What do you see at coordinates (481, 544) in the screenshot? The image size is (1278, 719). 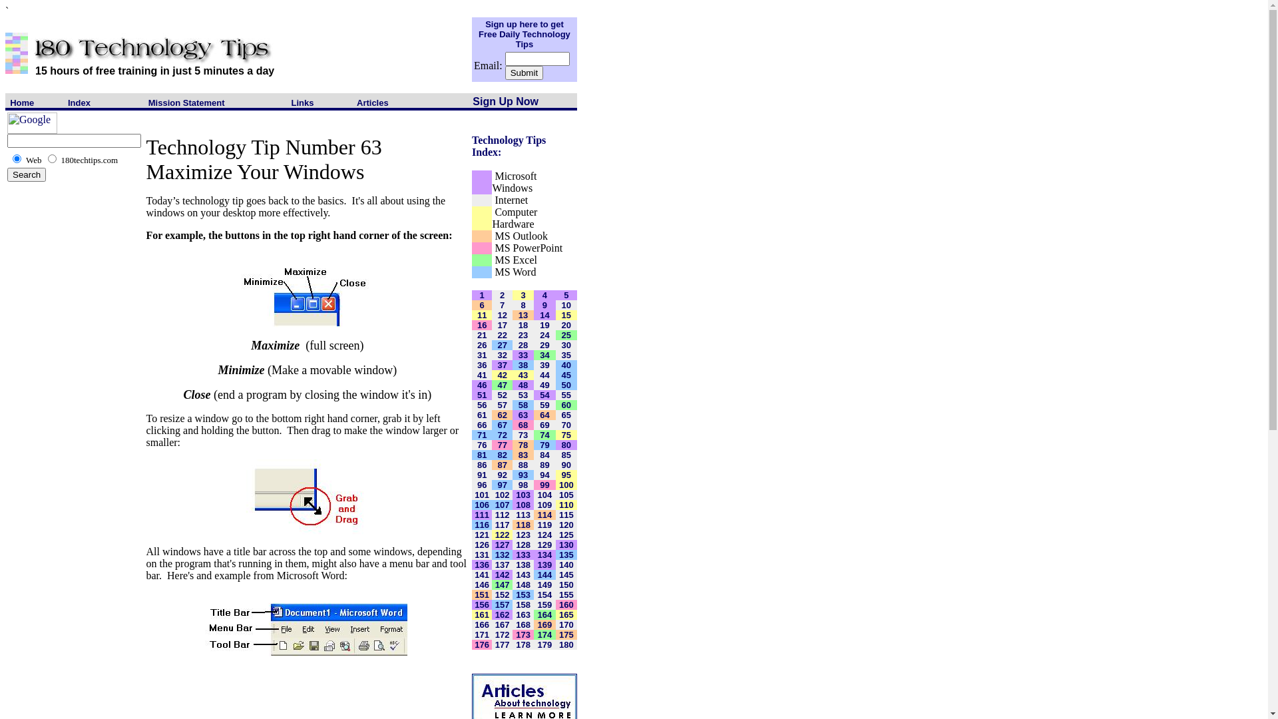 I see `'126'` at bounding box center [481, 544].